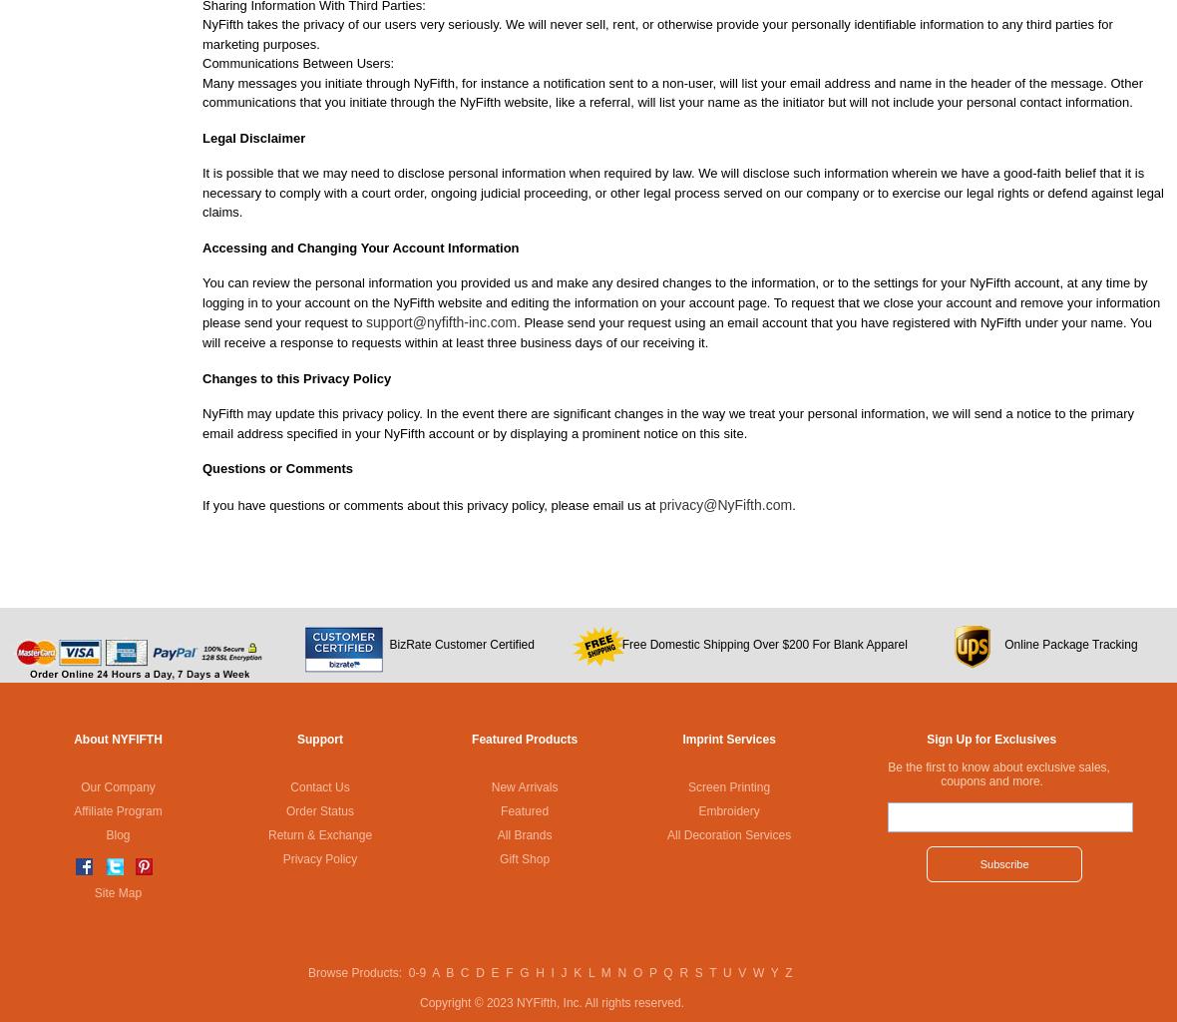 Image resolution: width=1177 pixels, height=1022 pixels. Describe the element at coordinates (635, 972) in the screenshot. I see `'O'` at that location.